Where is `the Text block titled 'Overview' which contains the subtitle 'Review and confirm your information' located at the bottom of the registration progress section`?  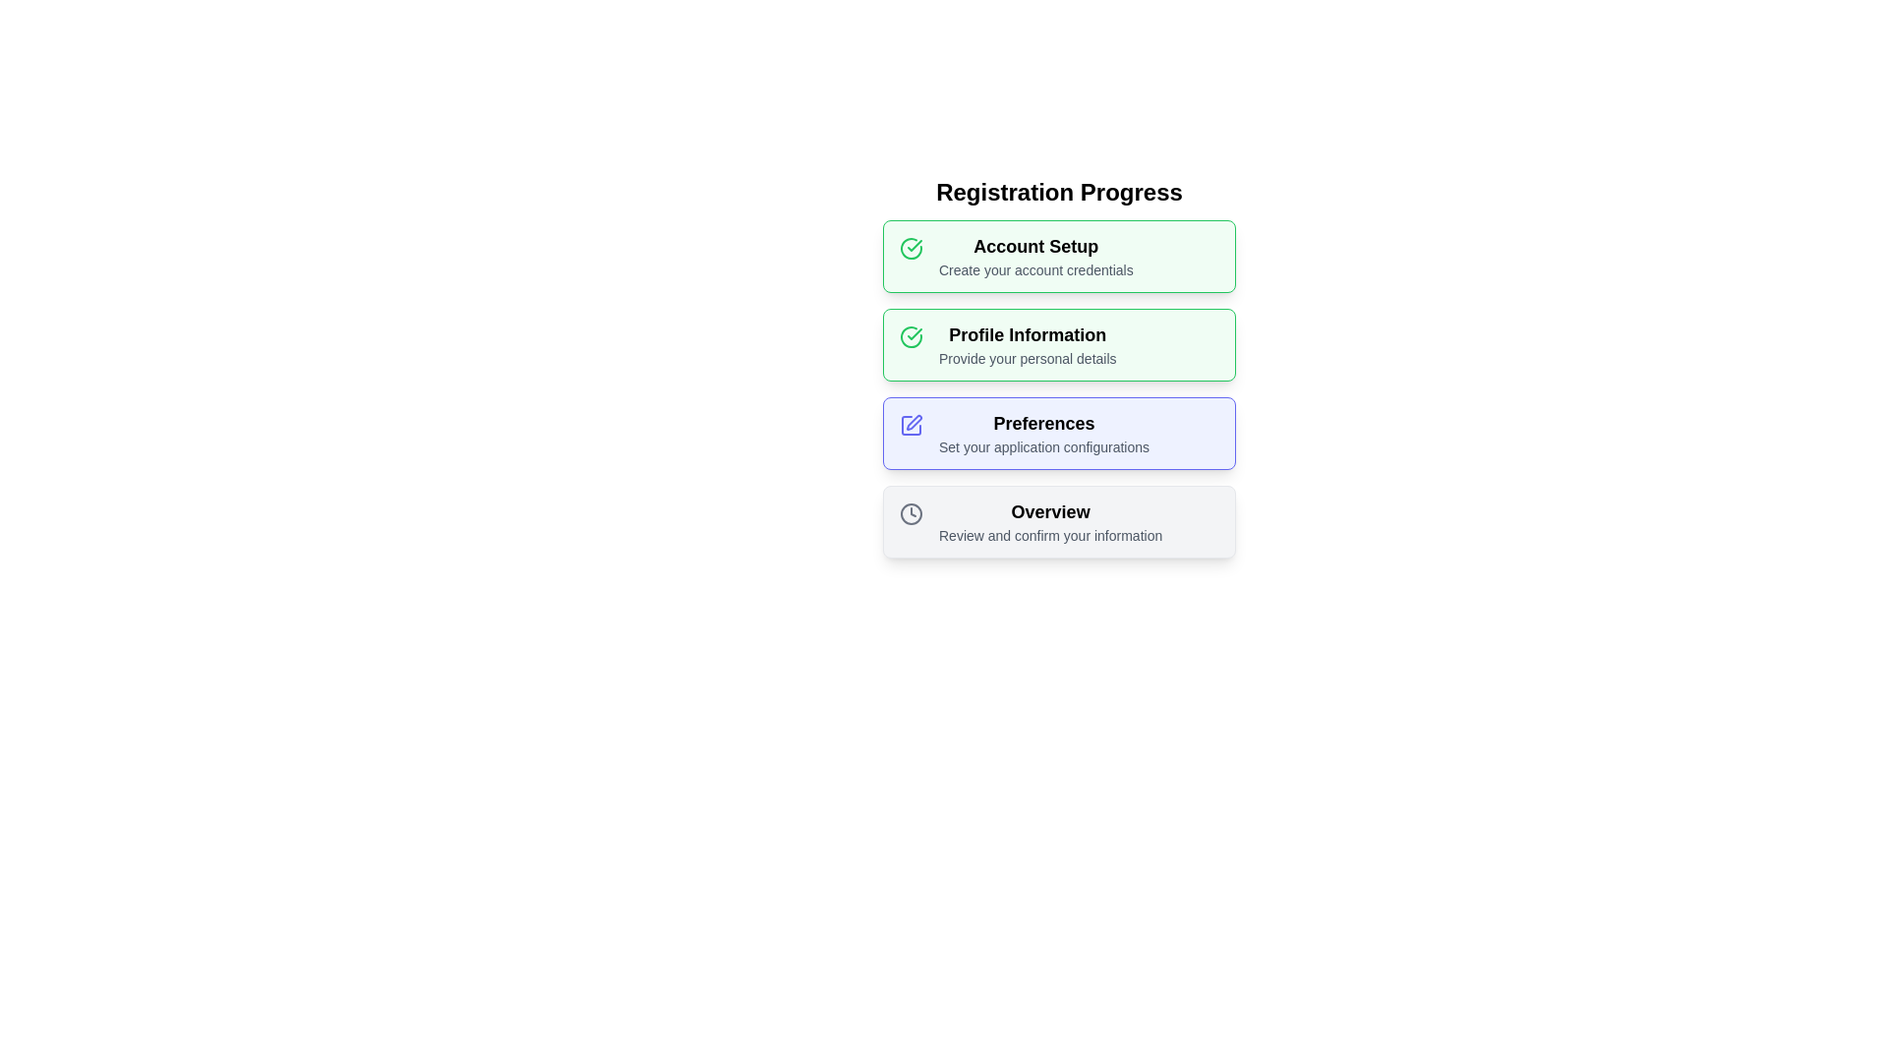
the Text block titled 'Overview' which contains the subtitle 'Review and confirm your information' located at the bottom of the registration progress section is located at coordinates (1049, 521).